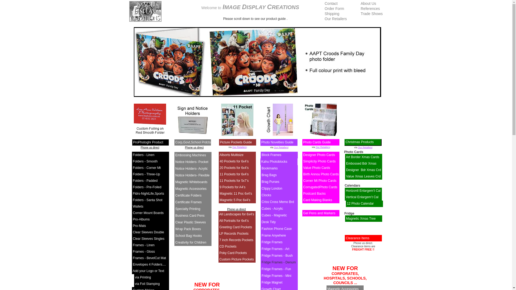  I want to click on 'Trade Shows', so click(371, 13).